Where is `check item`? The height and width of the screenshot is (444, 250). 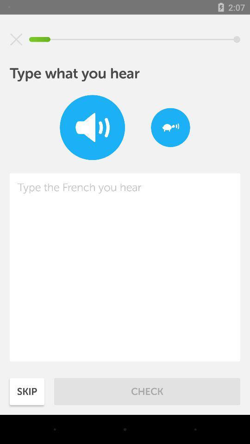 check item is located at coordinates (147, 391).